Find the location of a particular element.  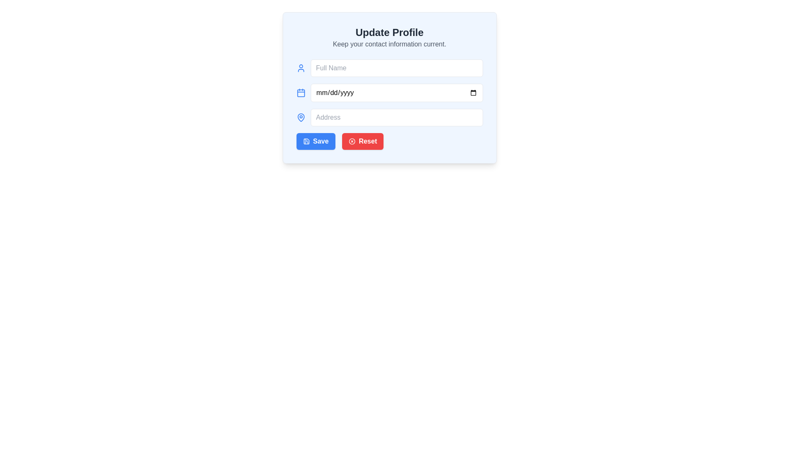

the decorative rectangular graphic element within the calendar icon located to the left of the date input field in the 'Update Profile' form is located at coordinates (301, 93).